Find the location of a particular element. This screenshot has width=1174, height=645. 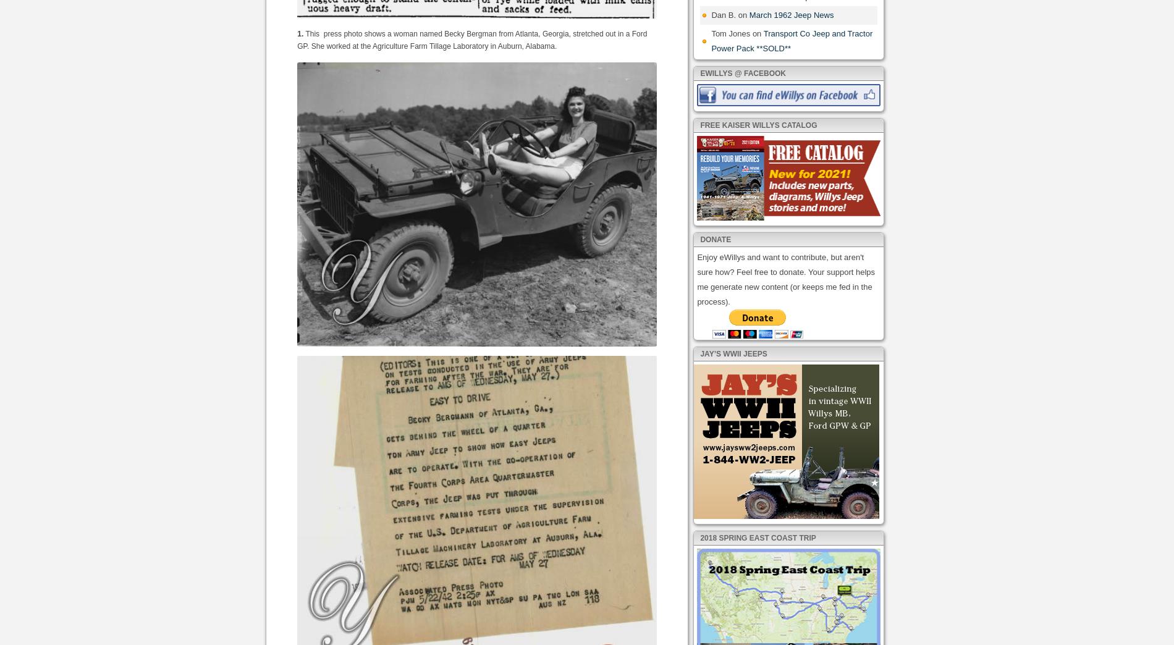

'Jay’s WWII Jeeps' is located at coordinates (733, 353).